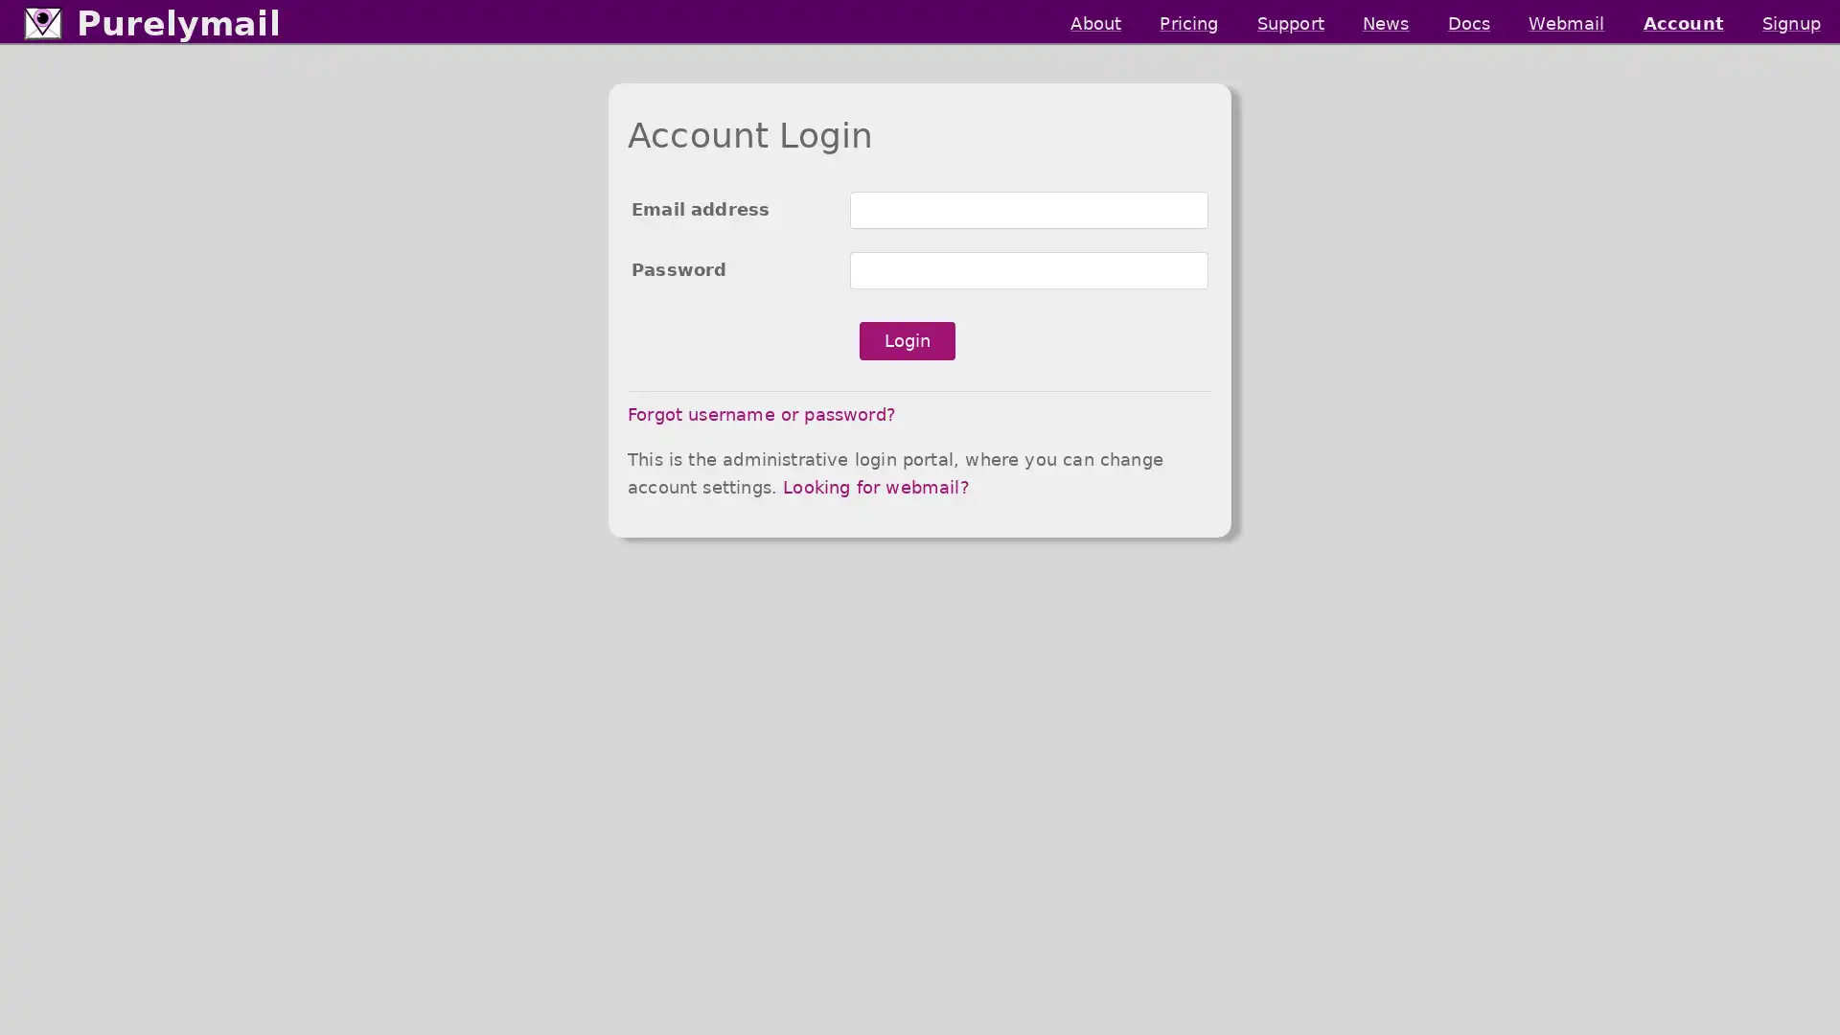  I want to click on Login, so click(906, 338).